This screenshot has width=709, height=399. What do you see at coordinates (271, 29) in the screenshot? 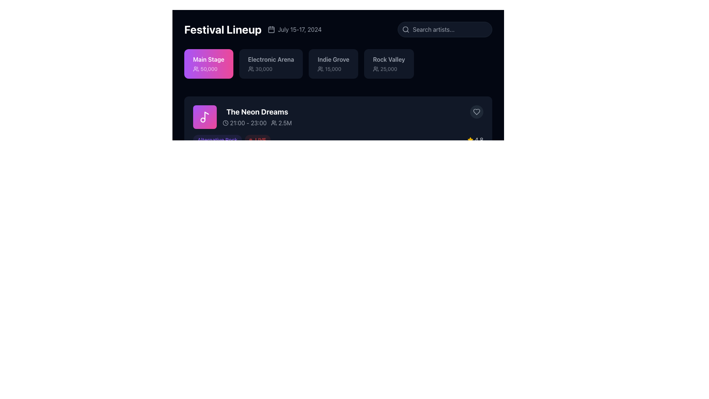
I see `the calendar icon located at the top bar of the interface, to the left of the text 'July 15-17, 2024'` at bounding box center [271, 29].